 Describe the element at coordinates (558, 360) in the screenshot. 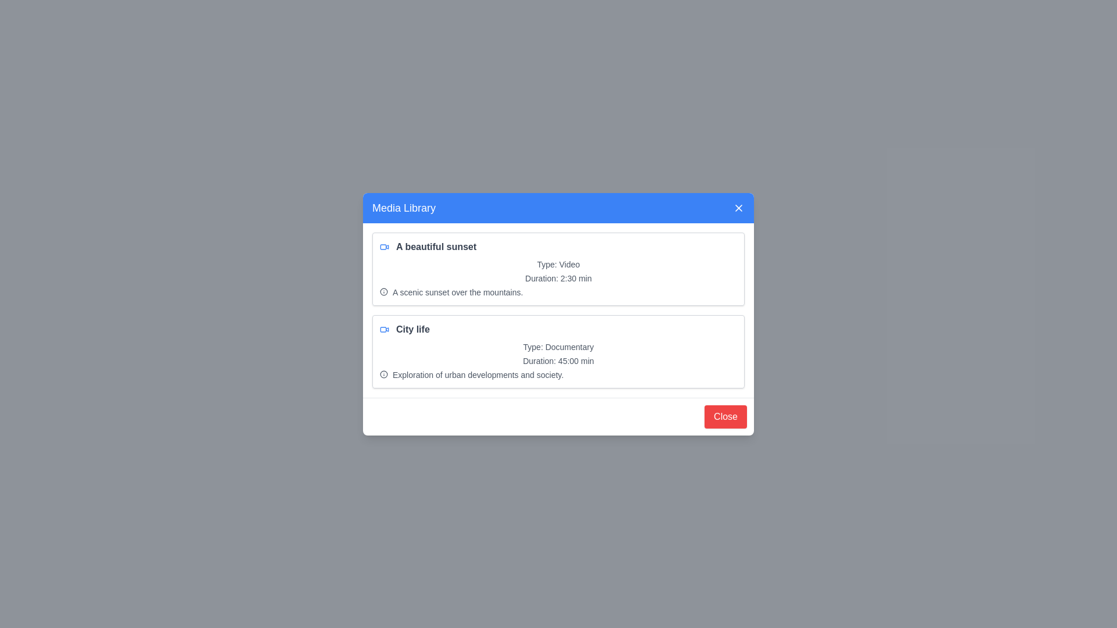

I see `the text label displaying the duration of the media item 'City life', located beneath the 'Type: Documentary' field` at that location.